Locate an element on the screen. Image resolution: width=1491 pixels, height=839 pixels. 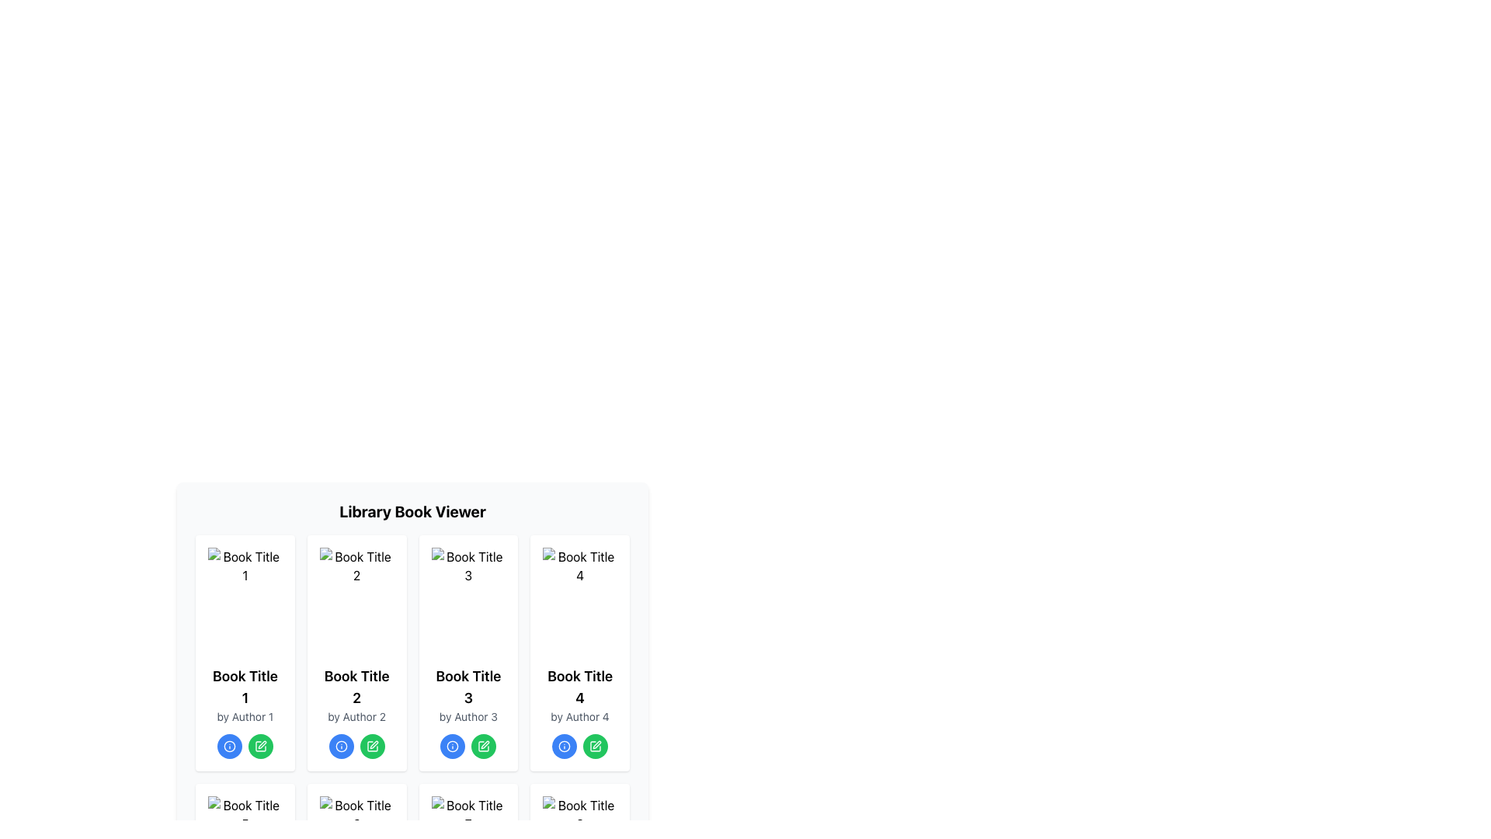
the edit button associated with the book card titled 'Book Title 4', which is the second button in the lower section under this card, located to the immediate right of the blue circular button is located at coordinates (595, 745).